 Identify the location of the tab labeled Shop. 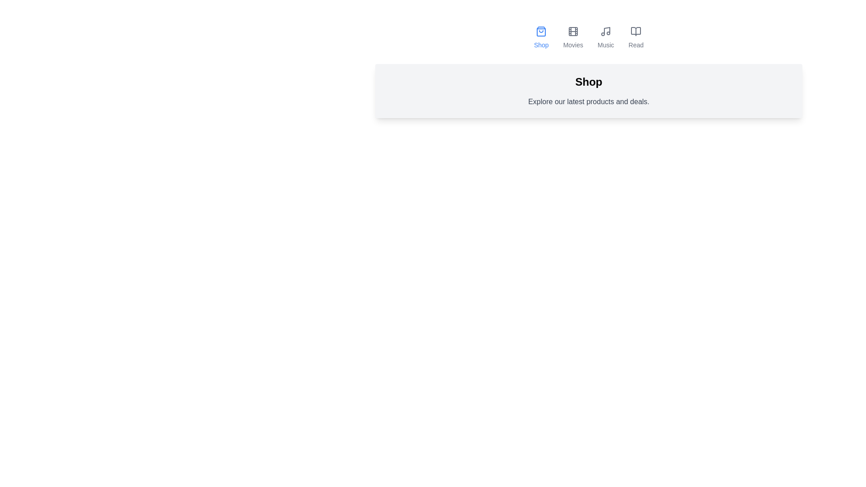
(541, 37).